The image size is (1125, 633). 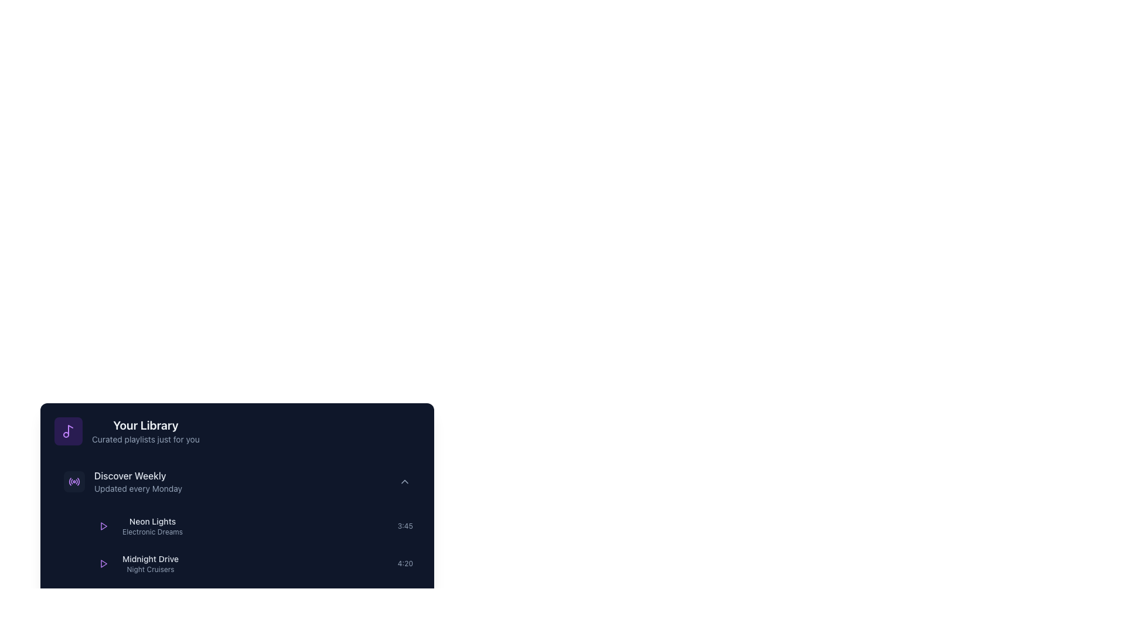 What do you see at coordinates (253, 526) in the screenshot?
I see `the song entry titled 'Neon Lights' in the list under 'Your Library' and 'Discover Weekly'` at bounding box center [253, 526].